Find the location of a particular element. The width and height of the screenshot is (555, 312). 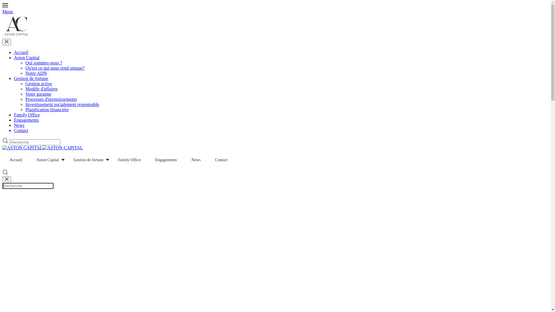

'Investissement socialement responsable' is located at coordinates (25, 104).